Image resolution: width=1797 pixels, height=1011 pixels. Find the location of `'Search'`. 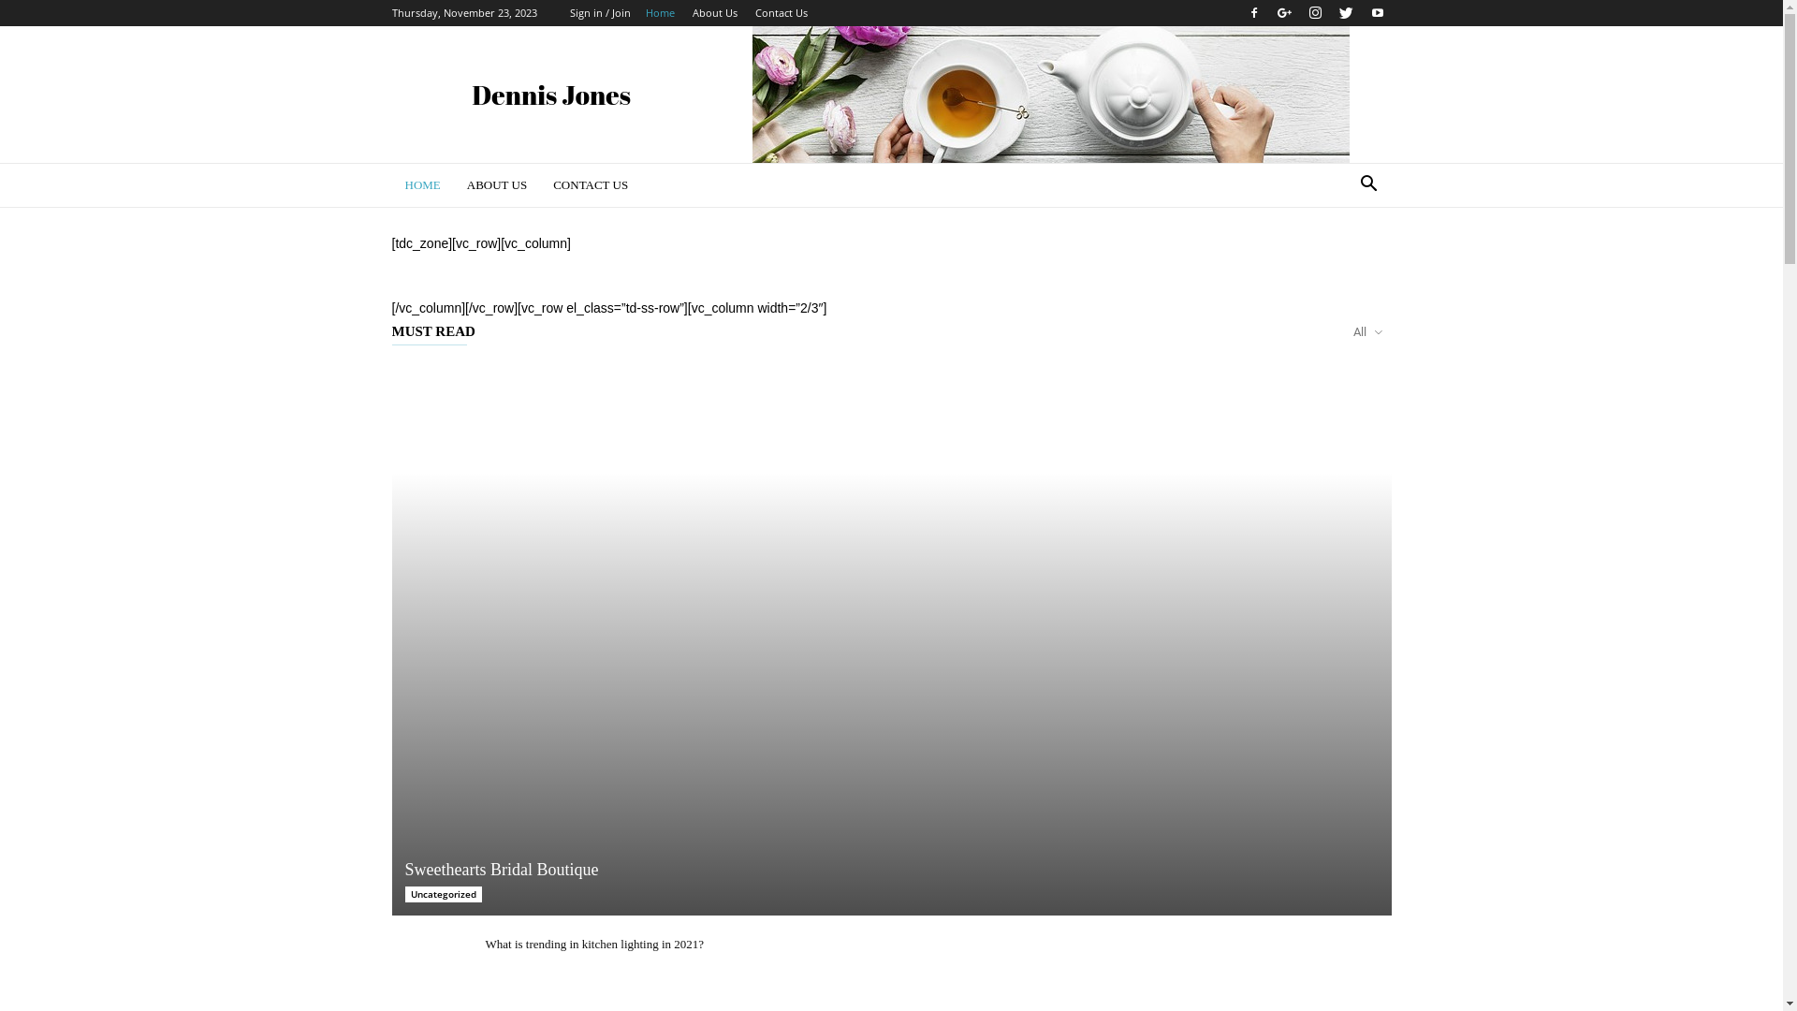

'Search' is located at coordinates (1338, 259).